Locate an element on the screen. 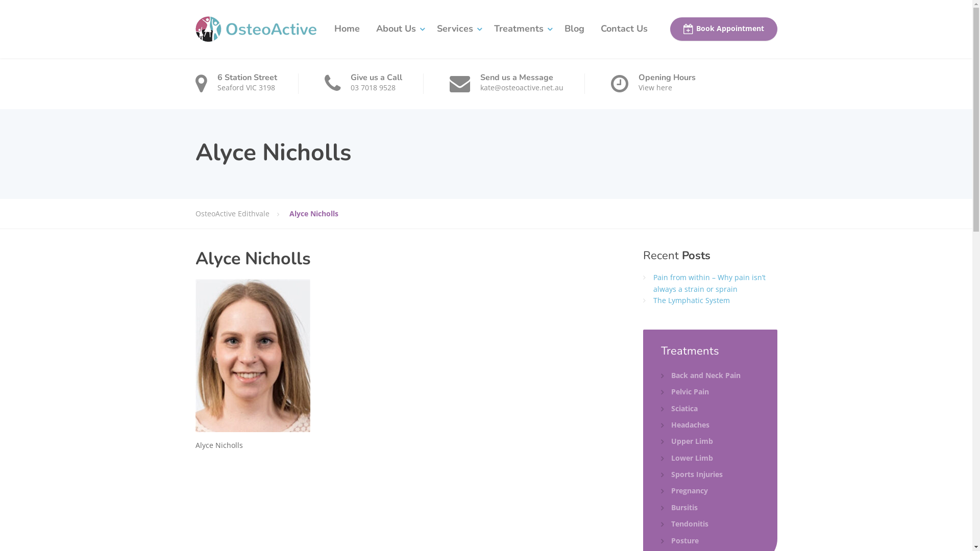 The image size is (980, 551). 'Headaches' is located at coordinates (685, 425).